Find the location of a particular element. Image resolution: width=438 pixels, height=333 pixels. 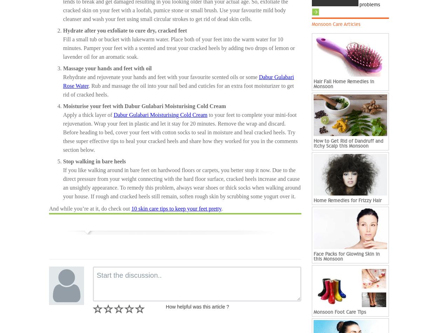

'Rehydrate and rejuvenate your hands and feet with your favourite scented oils or some' is located at coordinates (160, 77).